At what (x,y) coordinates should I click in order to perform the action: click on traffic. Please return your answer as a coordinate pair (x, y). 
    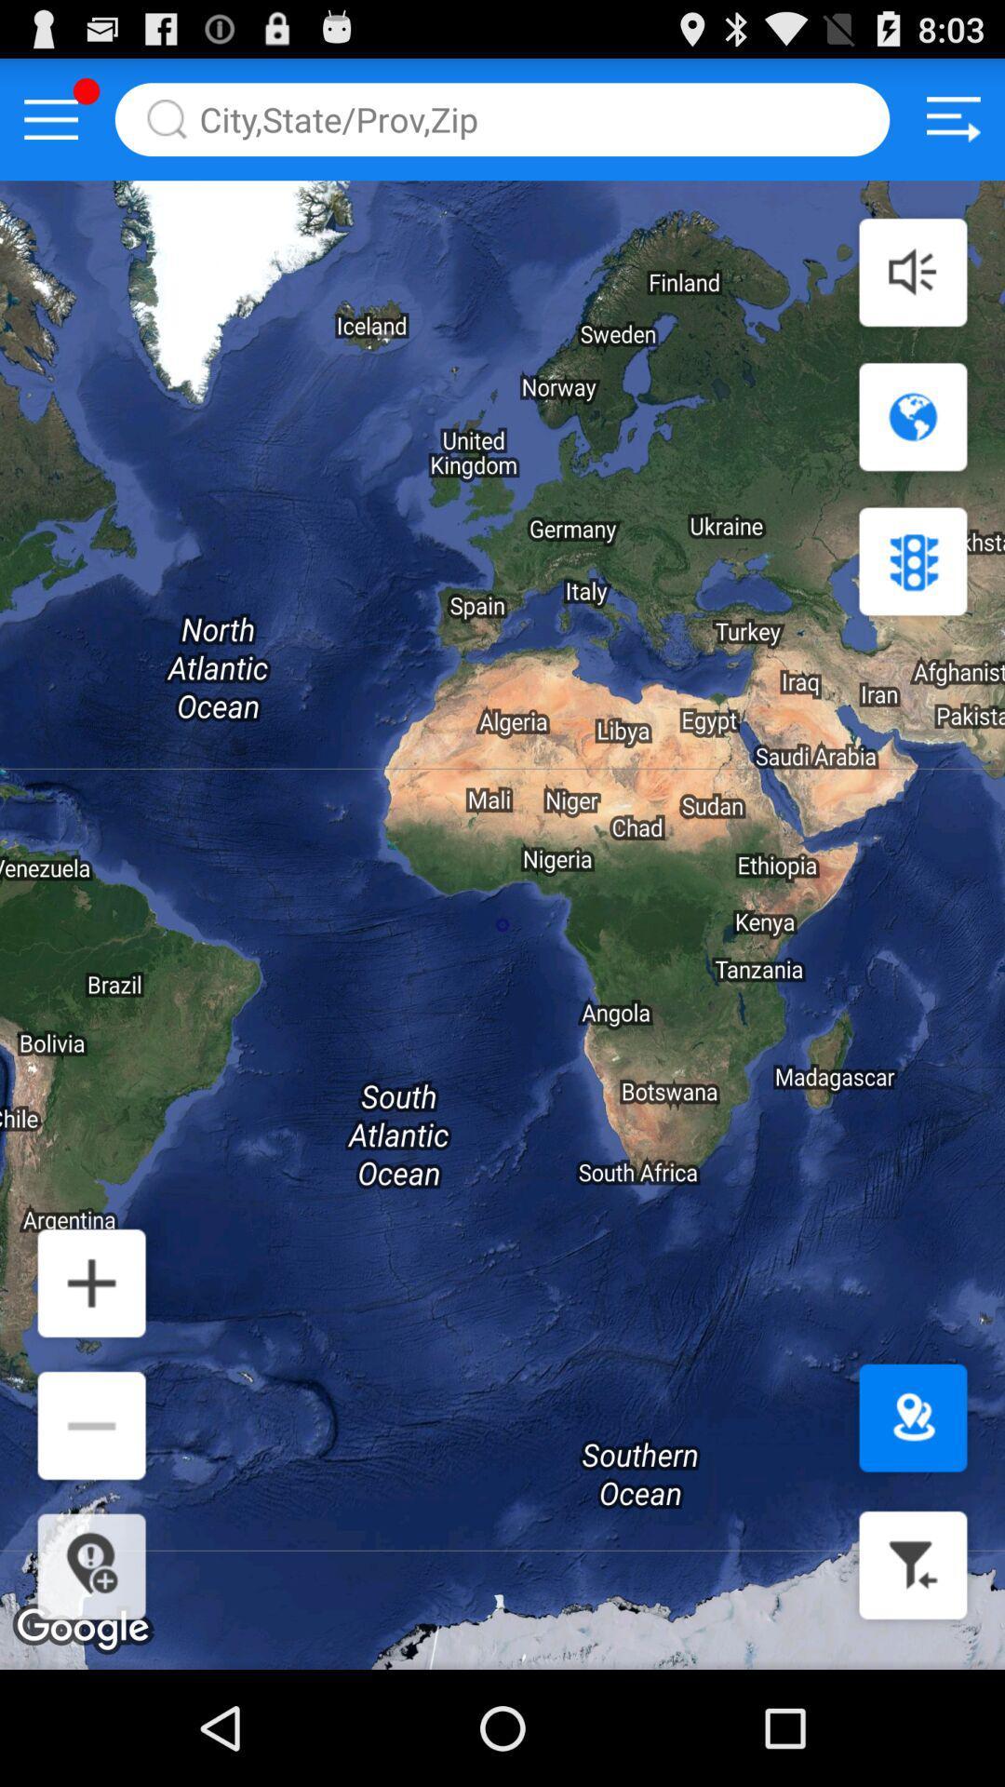
    Looking at the image, I should click on (912, 560).